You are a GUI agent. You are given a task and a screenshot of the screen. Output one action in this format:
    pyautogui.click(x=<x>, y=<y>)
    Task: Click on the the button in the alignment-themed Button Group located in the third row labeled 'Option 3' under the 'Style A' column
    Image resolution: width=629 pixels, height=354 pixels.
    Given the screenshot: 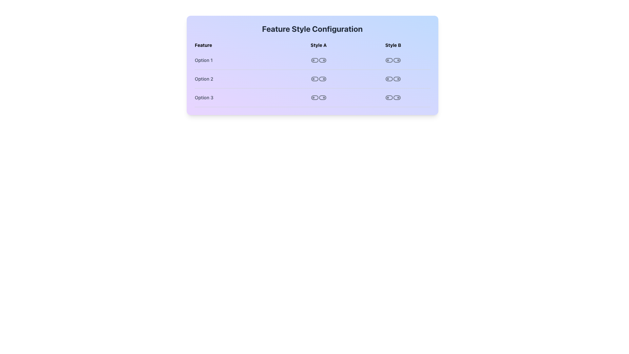 What is the action you would take?
    pyautogui.click(x=318, y=97)
    